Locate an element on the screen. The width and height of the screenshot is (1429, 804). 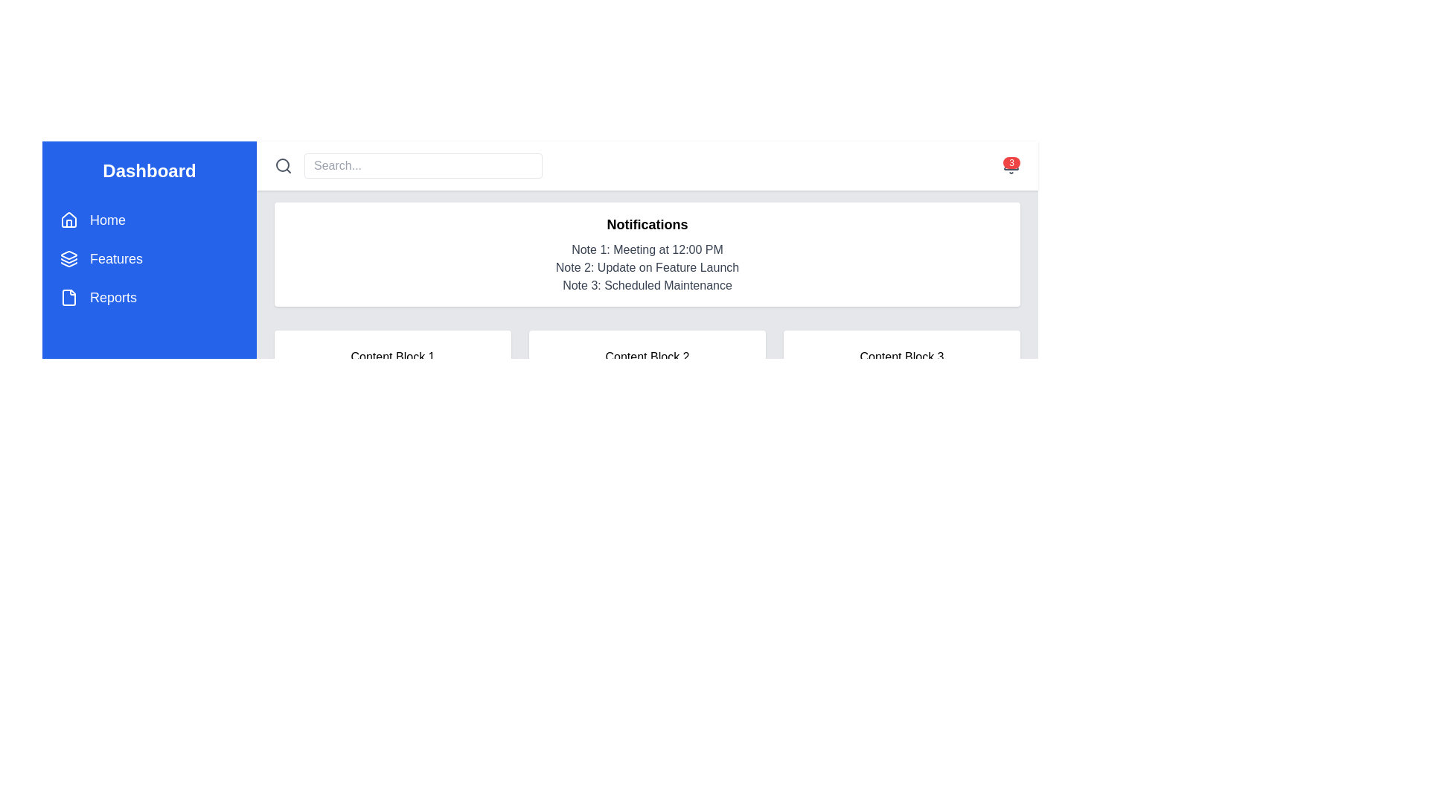
the text item in the list that says 'Note 3: Scheduled Maintenance', which is the third item under the 'Notifications' heading is located at coordinates (647, 286).